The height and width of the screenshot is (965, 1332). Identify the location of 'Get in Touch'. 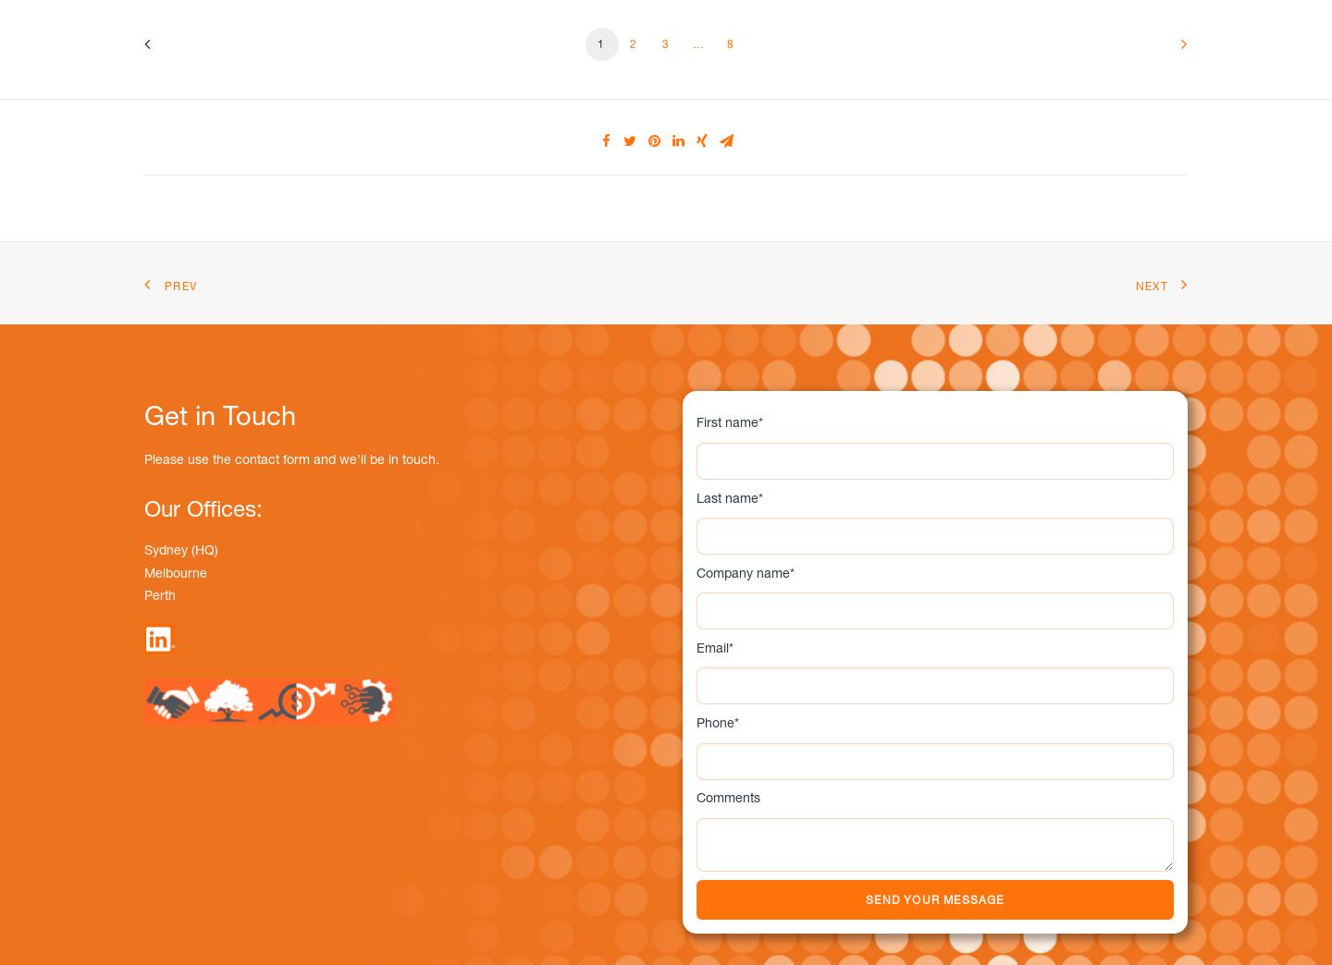
(220, 412).